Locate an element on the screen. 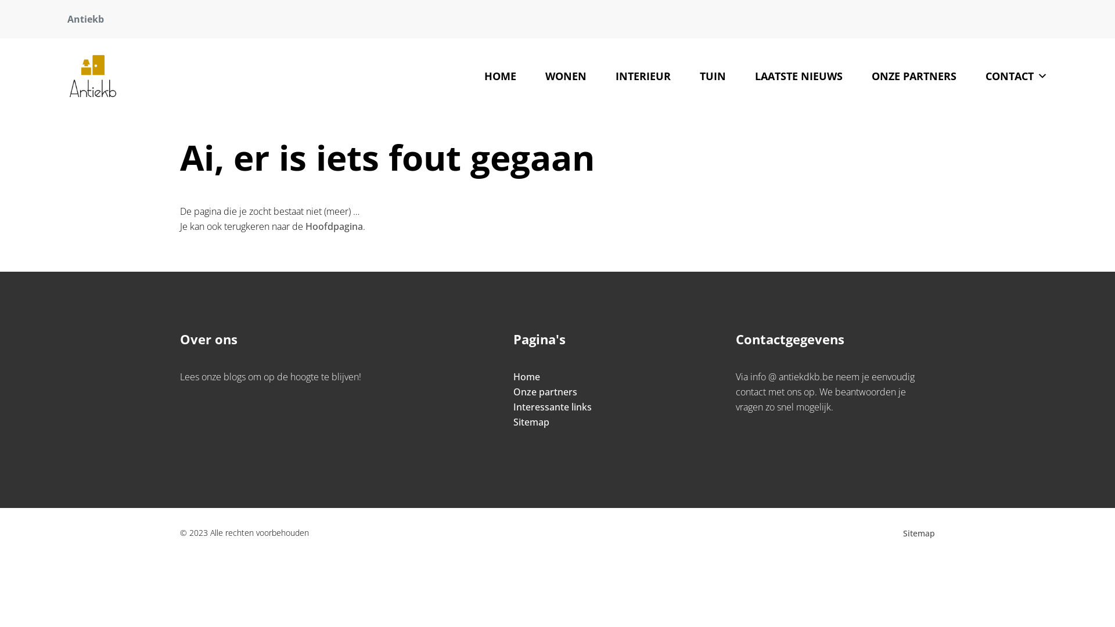 The width and height of the screenshot is (1115, 627). 'WONEN' is located at coordinates (566, 76).